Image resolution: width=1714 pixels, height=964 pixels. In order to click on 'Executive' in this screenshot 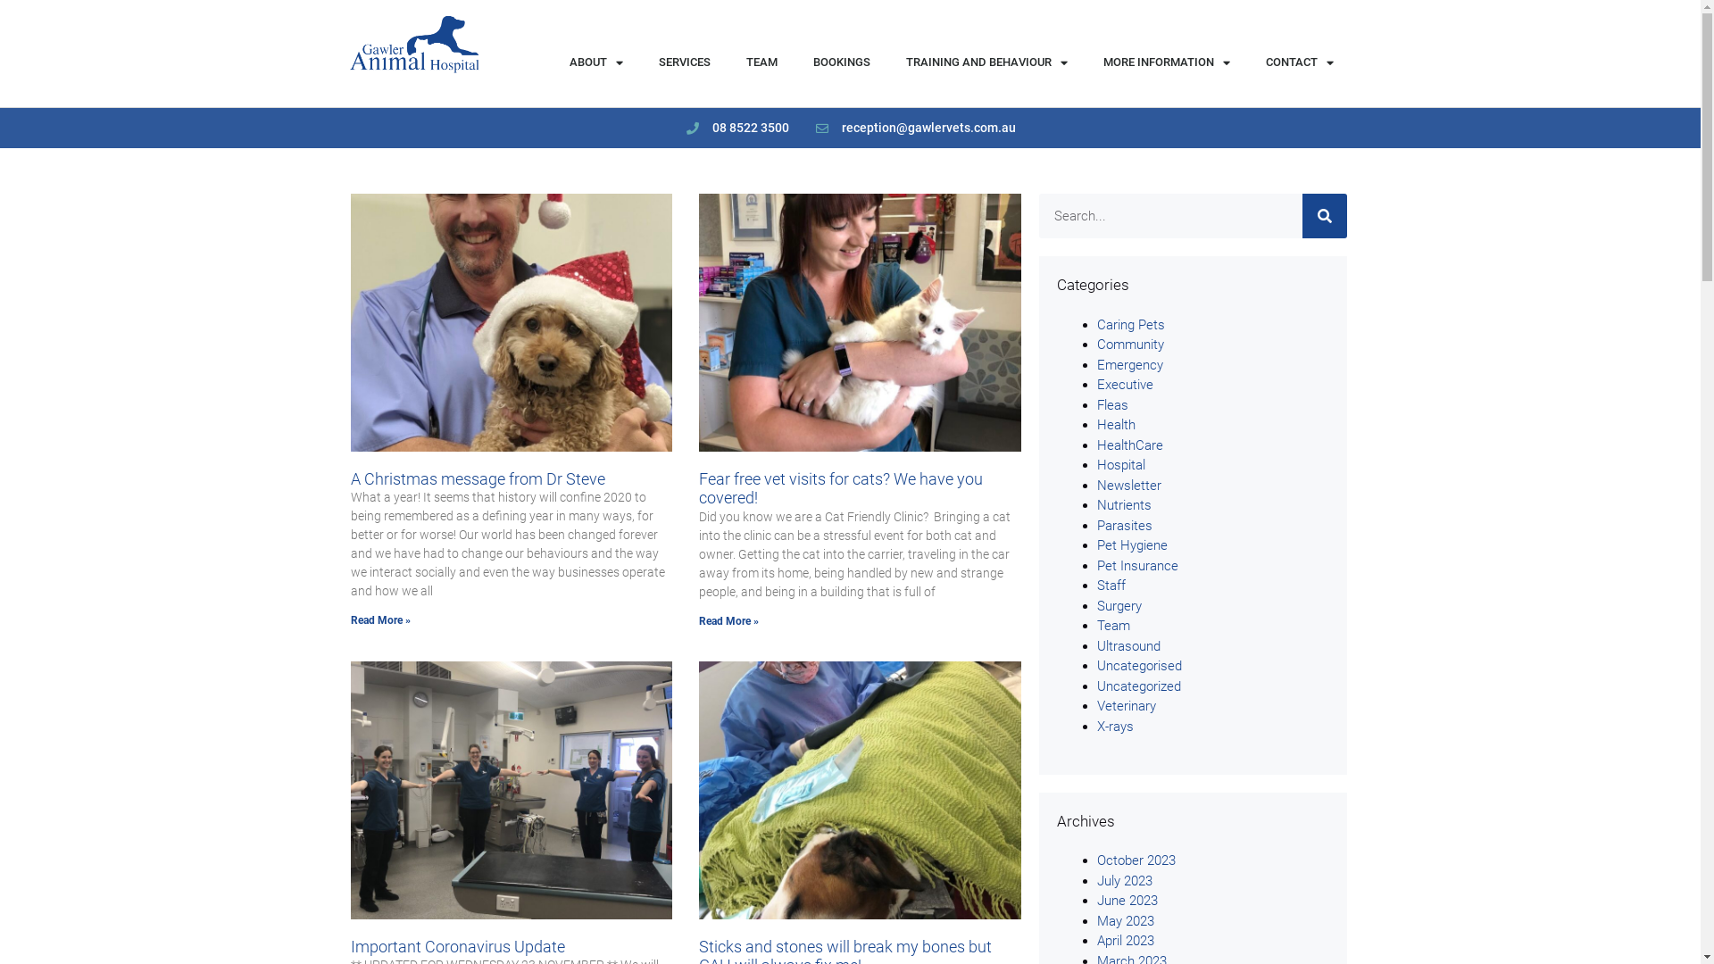, I will do `click(1124, 384)`.